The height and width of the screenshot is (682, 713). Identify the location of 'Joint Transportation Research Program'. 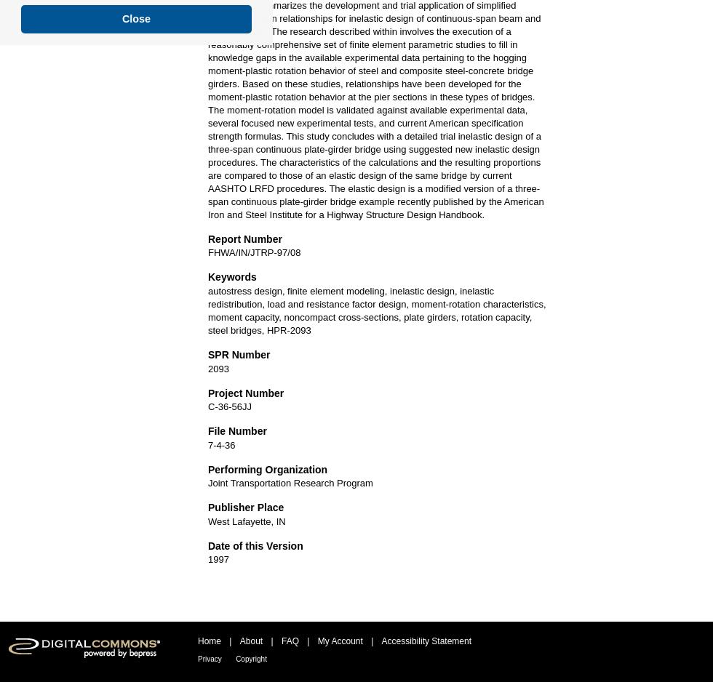
(290, 482).